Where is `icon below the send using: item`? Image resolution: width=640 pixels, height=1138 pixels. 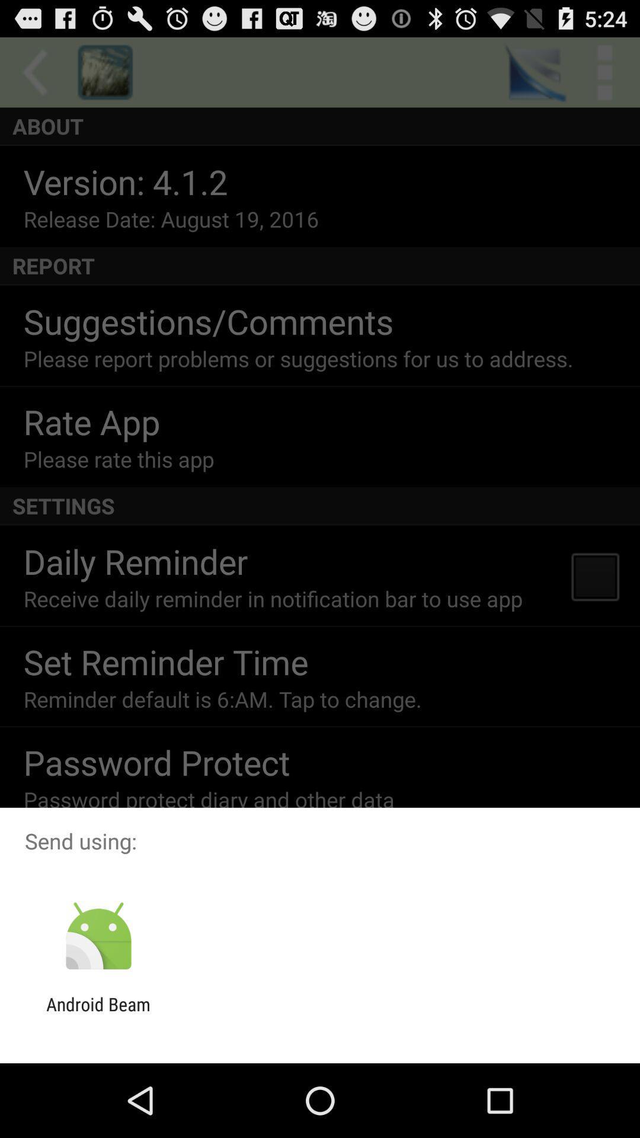 icon below the send using: item is located at coordinates (98, 936).